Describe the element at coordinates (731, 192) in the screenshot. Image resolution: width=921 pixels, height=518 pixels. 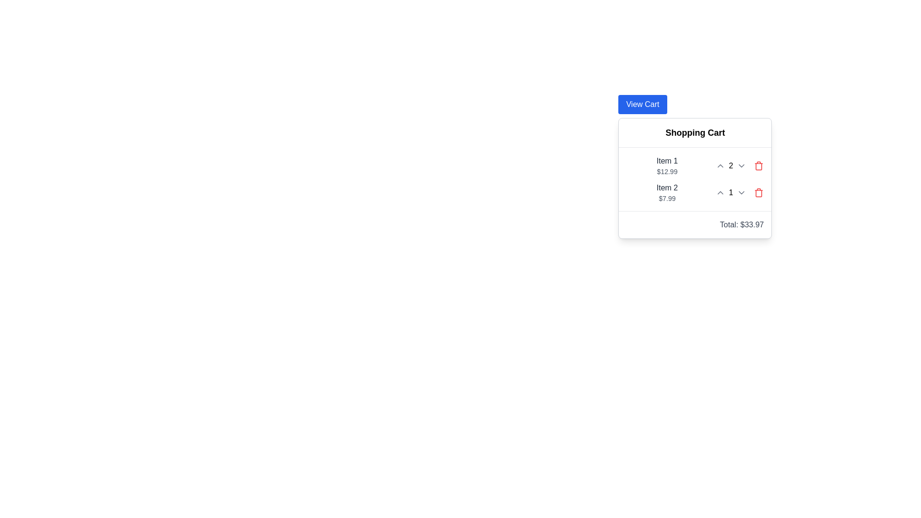
I see `the numeral '1' text display element indicating the quantity of 'Item 2' in the shopping cart interface` at that location.